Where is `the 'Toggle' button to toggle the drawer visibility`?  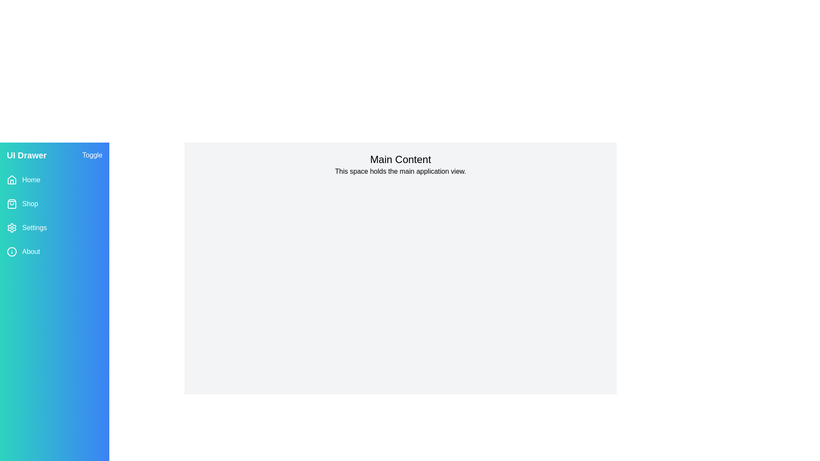
the 'Toggle' button to toggle the drawer visibility is located at coordinates (92, 155).